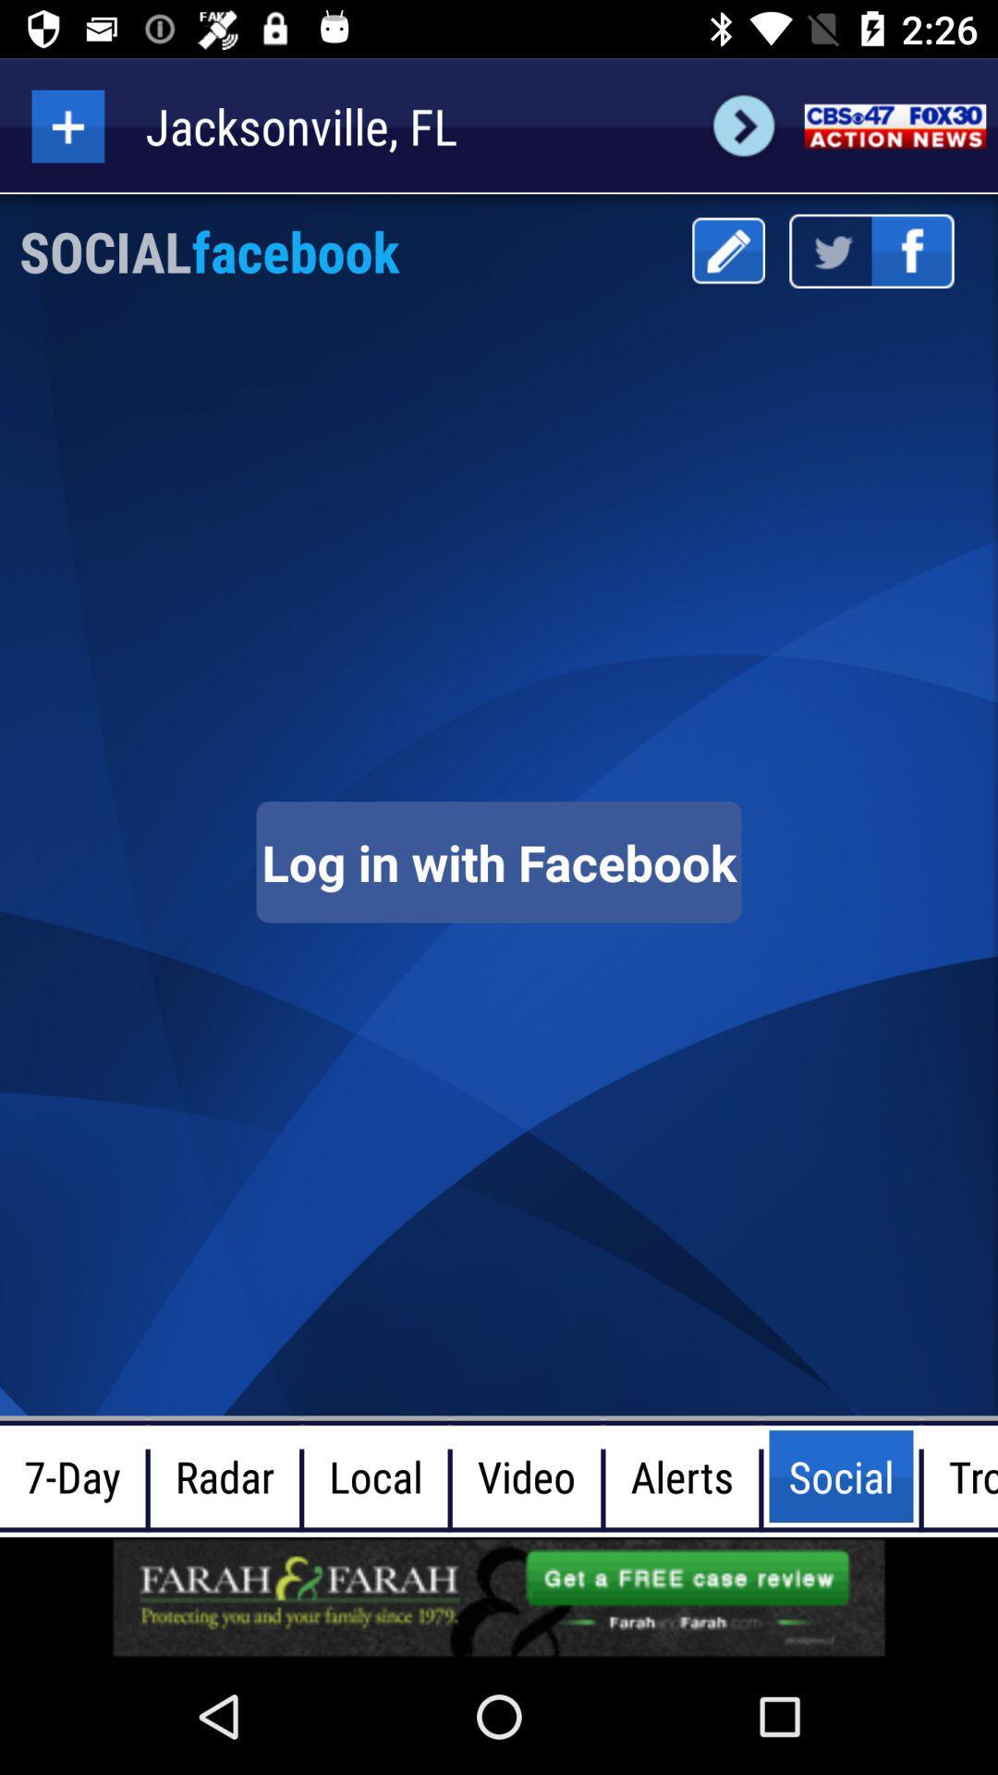 This screenshot has width=998, height=1775. What do you see at coordinates (743, 125) in the screenshot?
I see `next button` at bounding box center [743, 125].